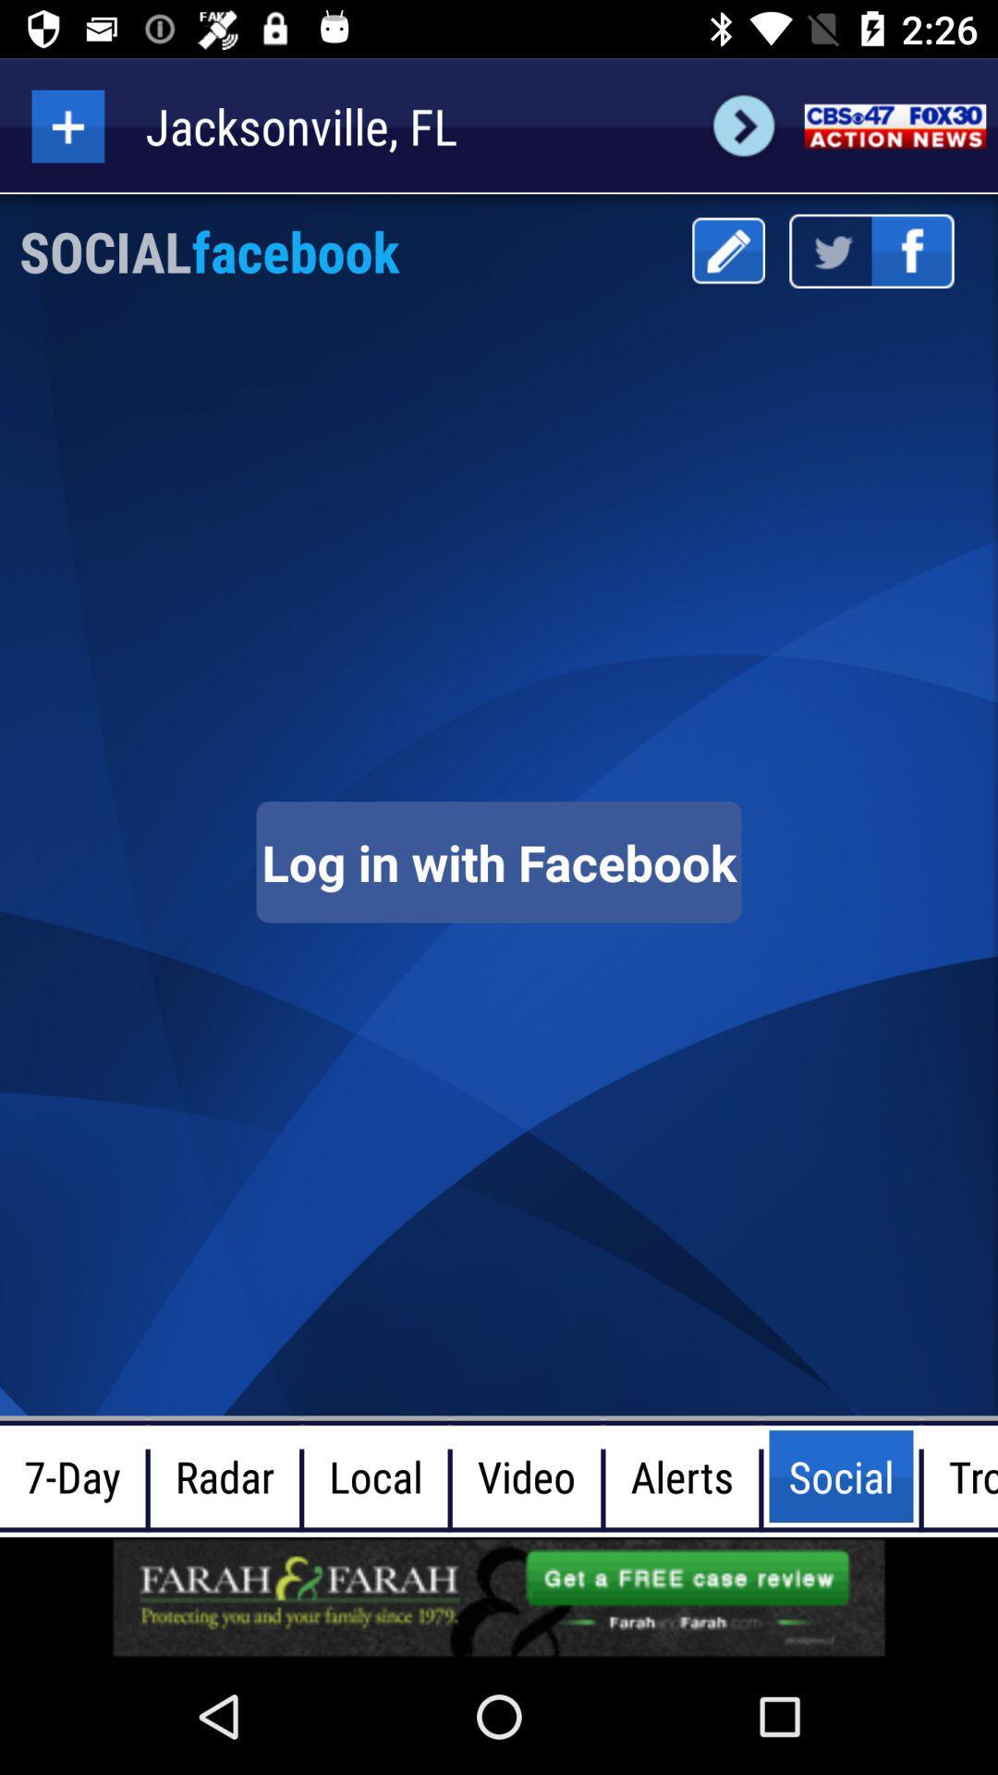 This screenshot has width=998, height=1775. What do you see at coordinates (743, 125) in the screenshot?
I see `next button` at bounding box center [743, 125].